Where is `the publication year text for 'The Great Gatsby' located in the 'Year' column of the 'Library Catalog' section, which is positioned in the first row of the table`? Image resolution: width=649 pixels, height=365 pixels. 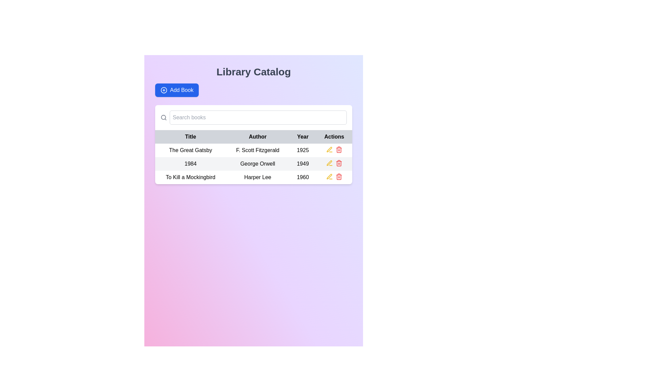
the publication year text for 'The Great Gatsby' located in the 'Year' column of the 'Library Catalog' section, which is positioned in the first row of the table is located at coordinates (303, 150).